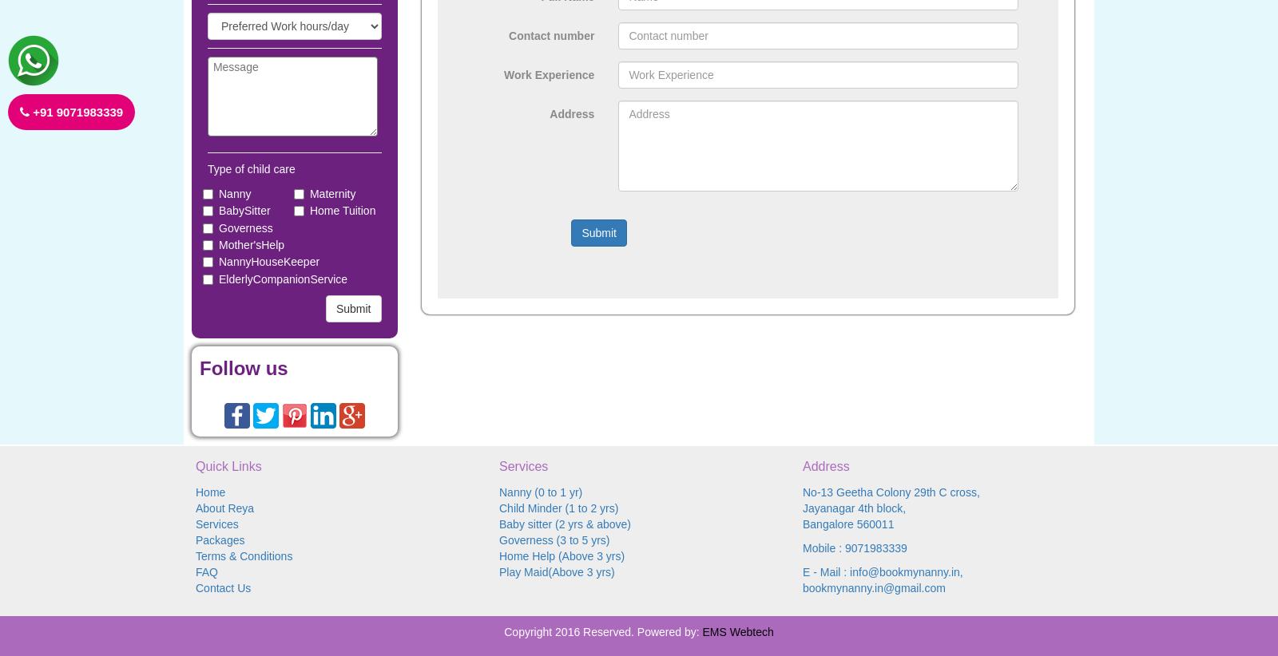 This screenshot has height=656, width=1278. What do you see at coordinates (341, 210) in the screenshot?
I see `'Home Tuition'` at bounding box center [341, 210].